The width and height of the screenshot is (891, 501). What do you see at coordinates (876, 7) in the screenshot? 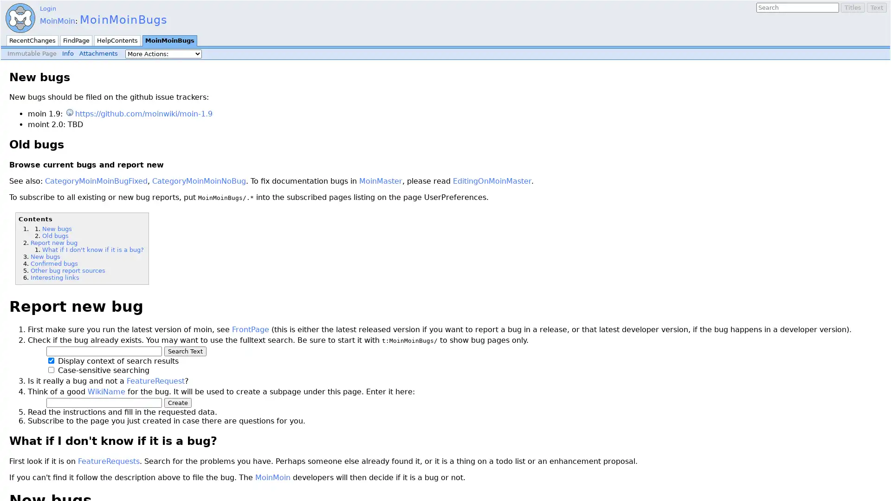
I see `Text` at bounding box center [876, 7].